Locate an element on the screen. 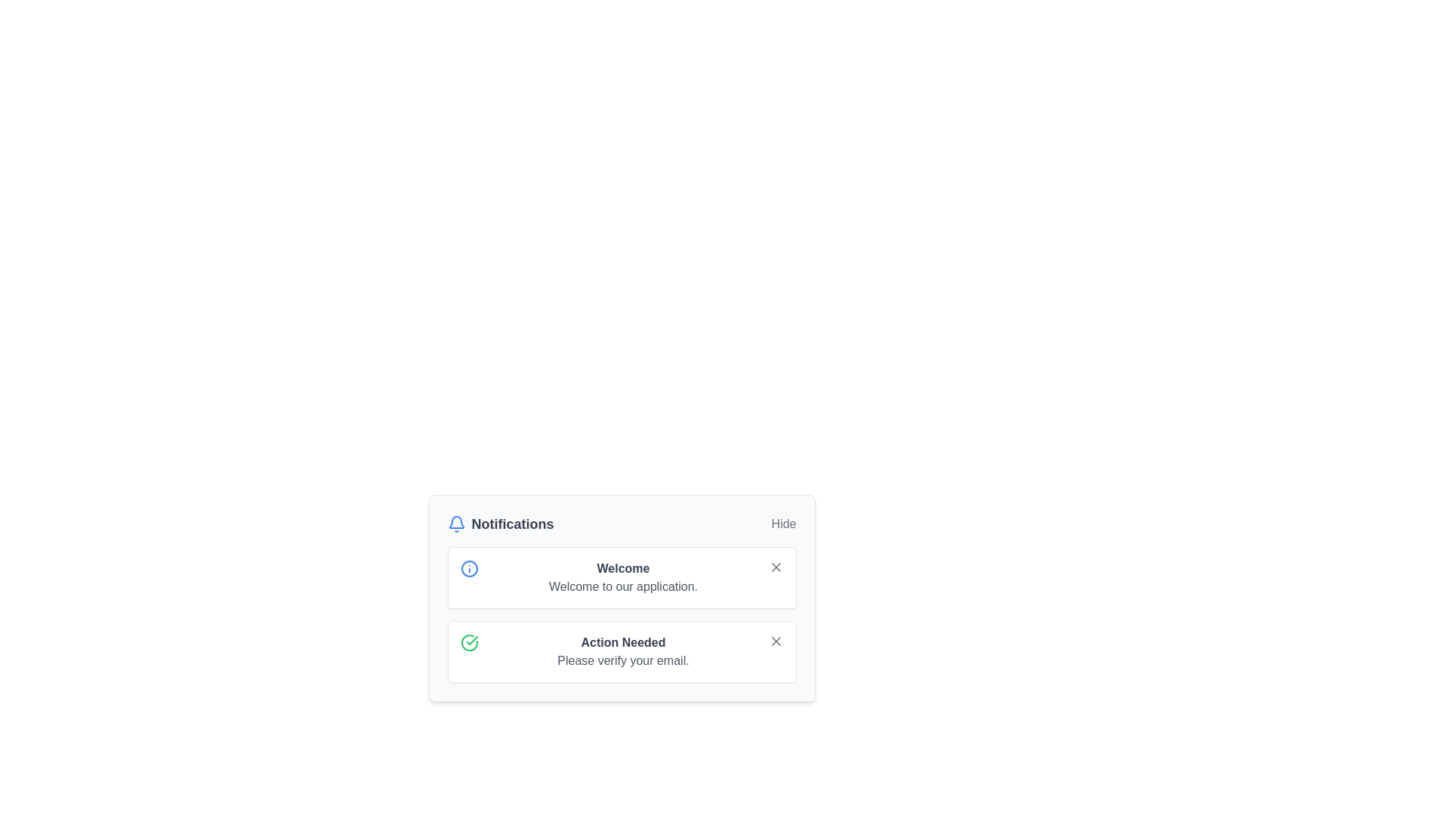 This screenshot has height=816, width=1450. the header text element that serves as the title for the notification panel, located to the right of a bell icon and positioned at the top-left of the notification section is located at coordinates (513, 524).